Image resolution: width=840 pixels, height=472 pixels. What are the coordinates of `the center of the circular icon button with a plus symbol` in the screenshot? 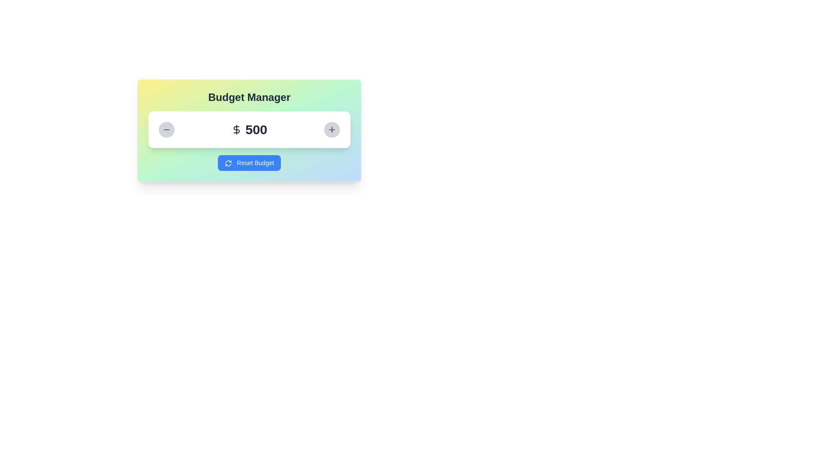 It's located at (331, 130).